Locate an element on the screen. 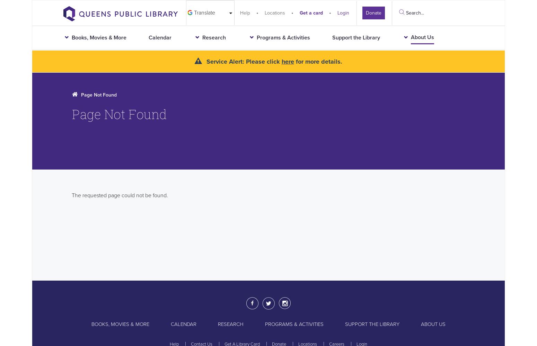  'ABOUT US' is located at coordinates (421, 324).